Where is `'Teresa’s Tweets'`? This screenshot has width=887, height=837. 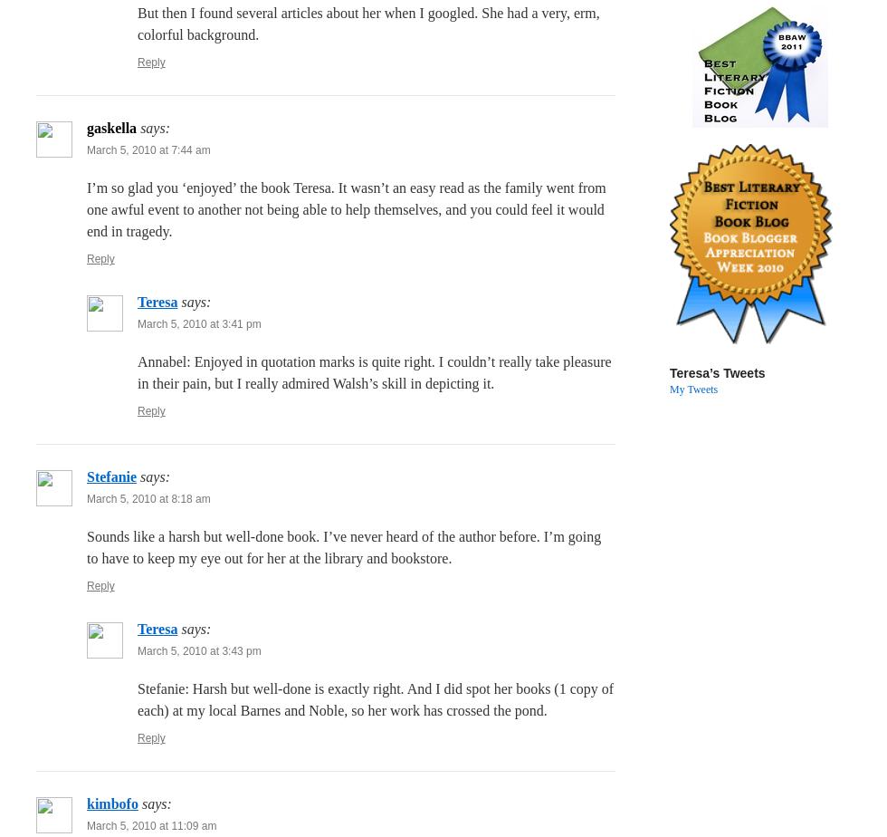
'Teresa’s Tweets' is located at coordinates (717, 371).